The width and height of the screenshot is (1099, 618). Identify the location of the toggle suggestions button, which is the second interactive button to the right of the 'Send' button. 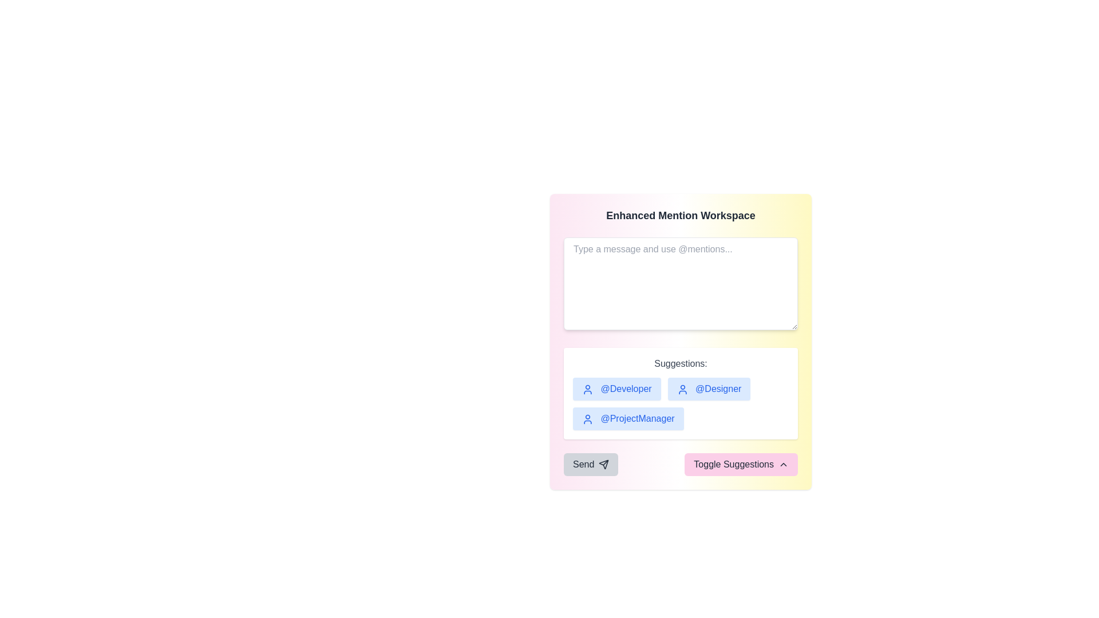
(741, 465).